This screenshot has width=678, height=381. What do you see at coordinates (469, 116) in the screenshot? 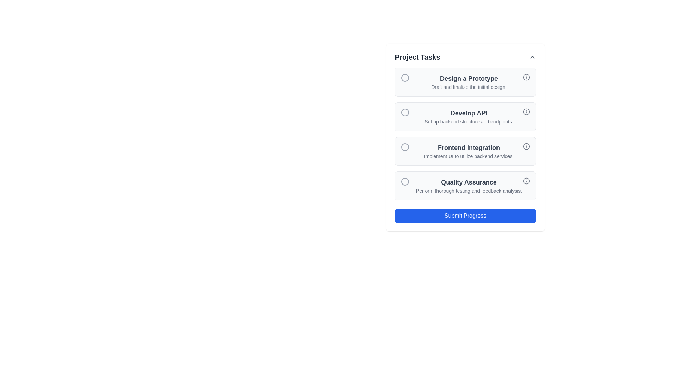
I see `the text section that has a bold header reading 'Develop API' and a smaller sentence 'Set up backend structure and endpoints.'` at bounding box center [469, 116].